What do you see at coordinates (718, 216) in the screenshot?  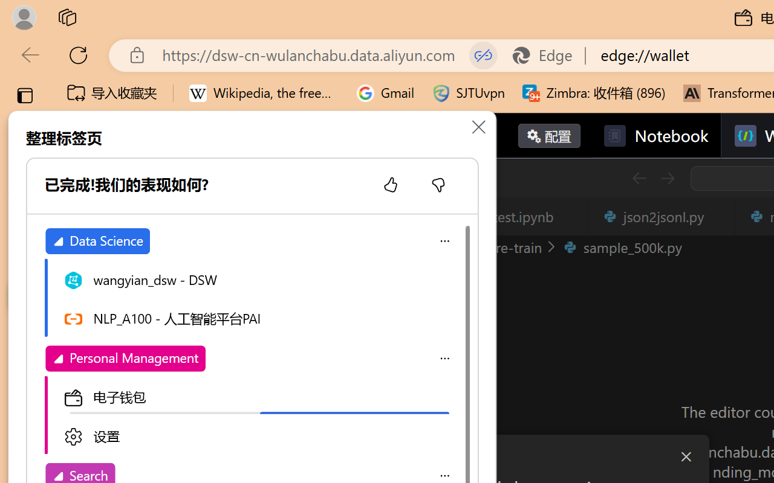 I see `'Tab actions'` at bounding box center [718, 216].